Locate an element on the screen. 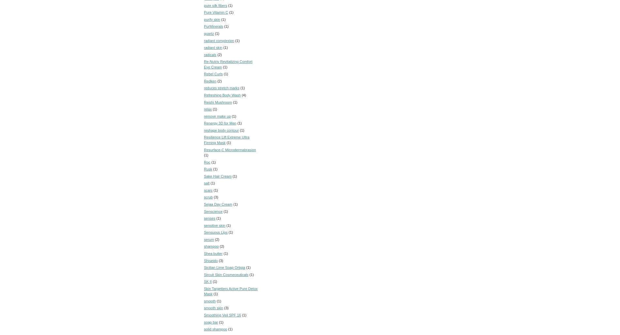 The image size is (620, 335). 'Sensuous Lips' is located at coordinates (216, 232).